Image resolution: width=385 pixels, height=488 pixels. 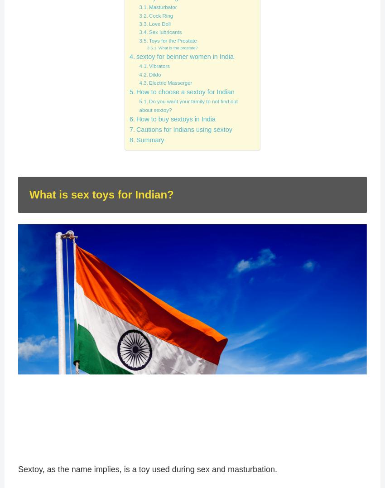 What do you see at coordinates (178, 47) in the screenshot?
I see `'What is the prostate?'` at bounding box center [178, 47].